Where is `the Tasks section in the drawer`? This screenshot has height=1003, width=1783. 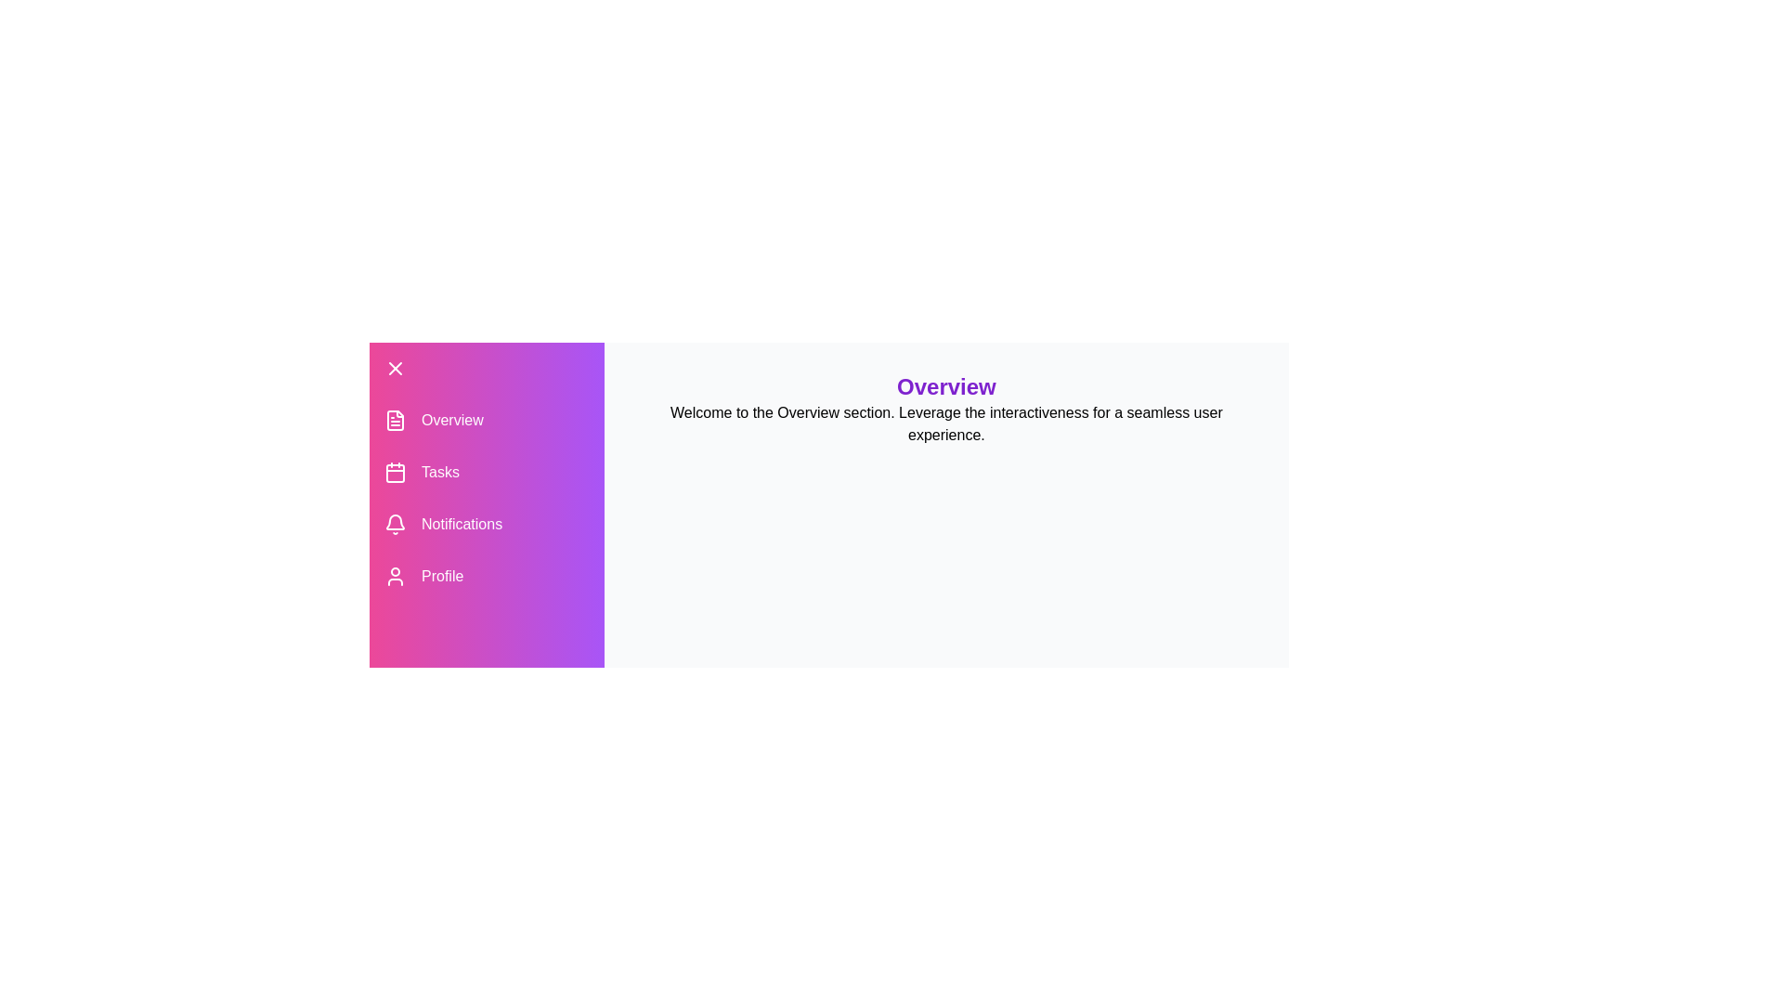
the Tasks section in the drawer is located at coordinates (486, 472).